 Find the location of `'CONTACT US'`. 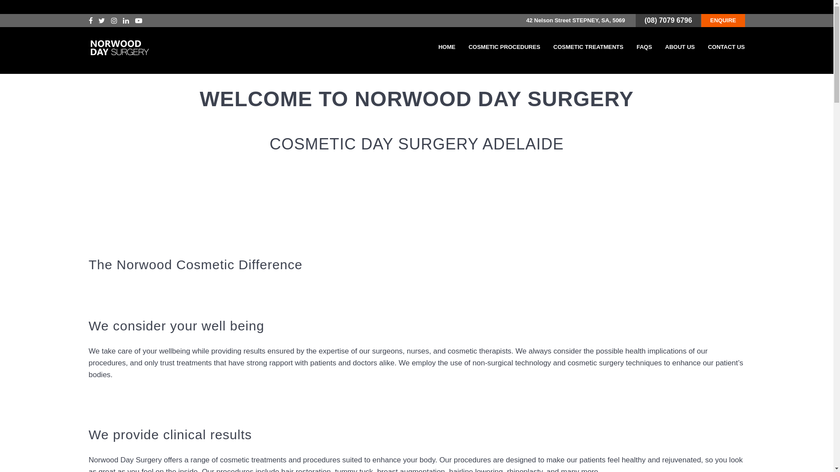

'CONTACT US' is located at coordinates (726, 47).